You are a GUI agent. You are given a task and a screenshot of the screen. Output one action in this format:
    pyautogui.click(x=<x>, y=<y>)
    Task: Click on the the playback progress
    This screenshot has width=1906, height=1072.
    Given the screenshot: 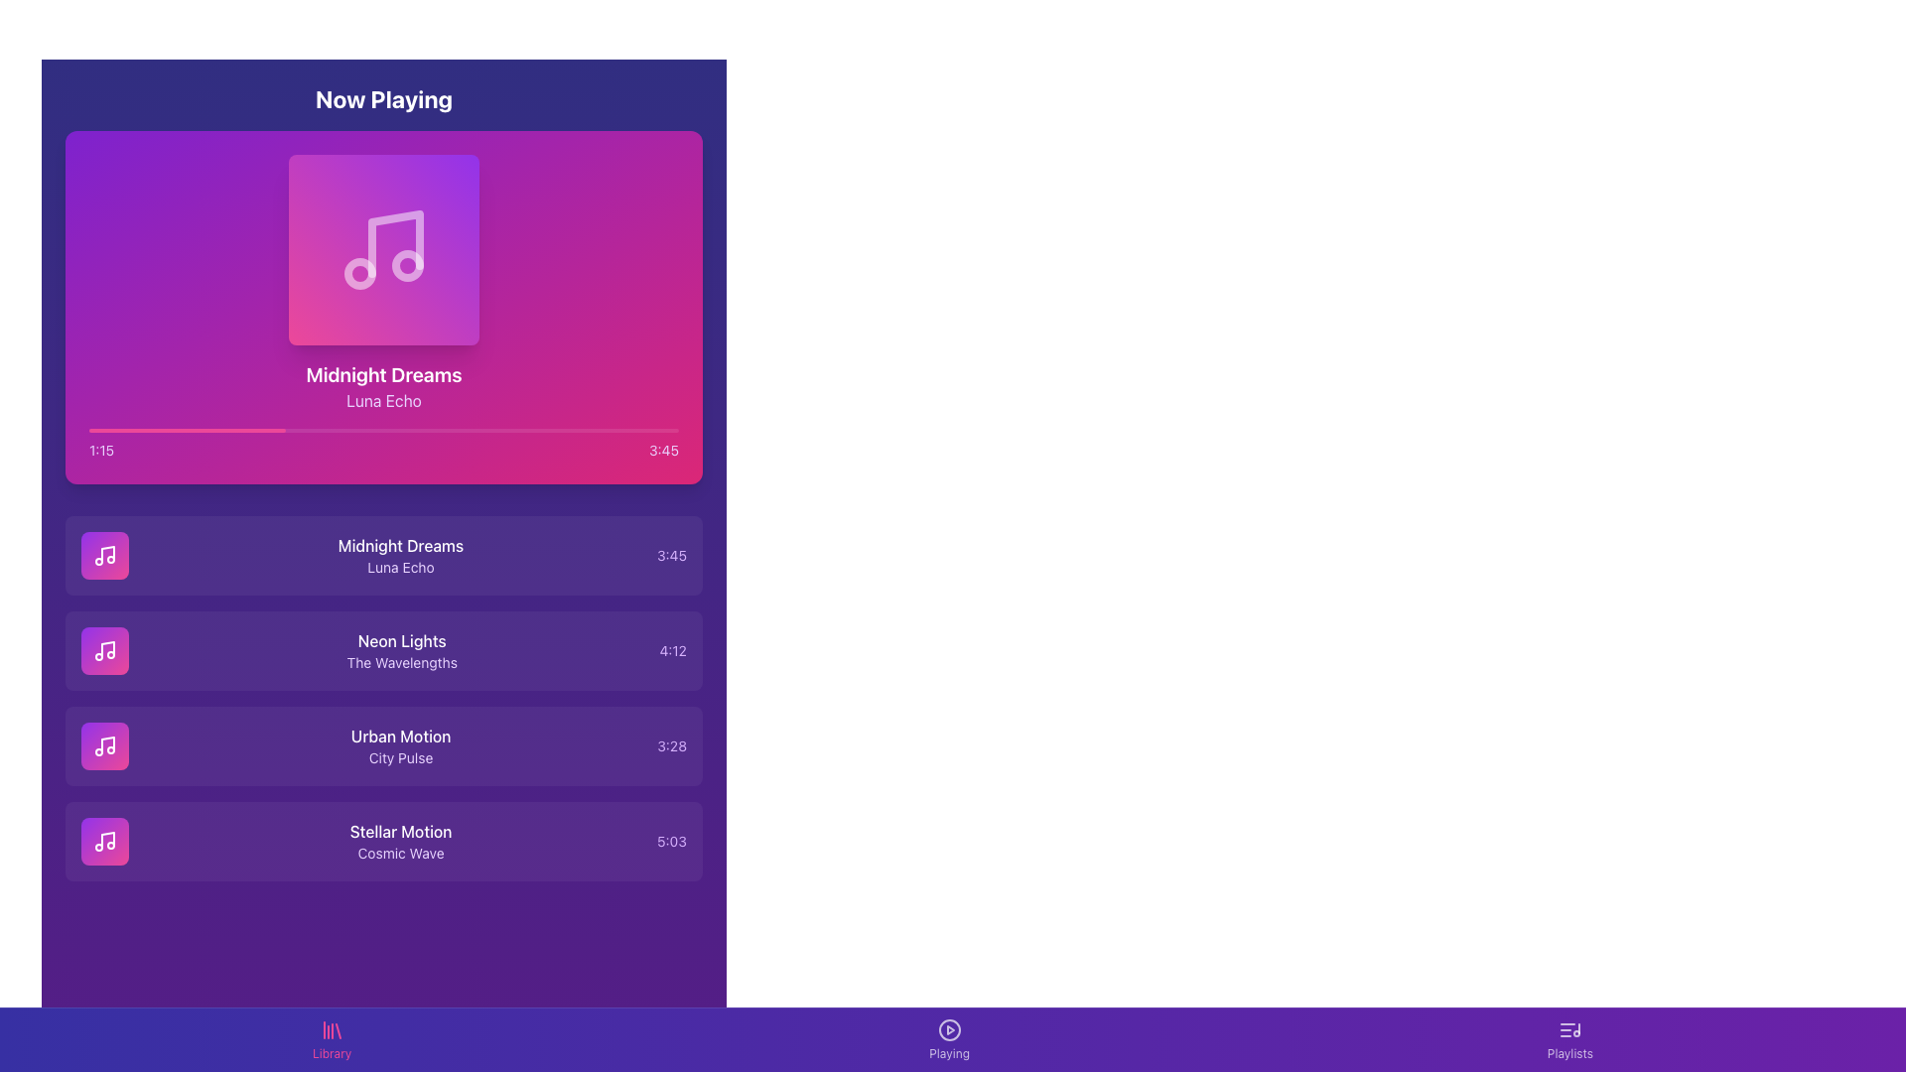 What is the action you would take?
    pyautogui.click(x=655, y=430)
    